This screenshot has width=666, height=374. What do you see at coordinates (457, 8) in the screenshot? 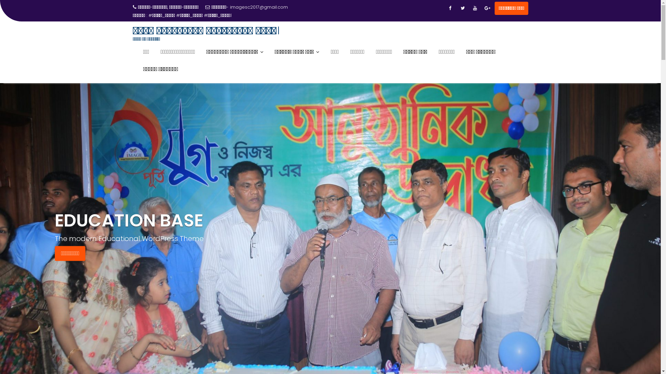
I see `'Twitter'` at bounding box center [457, 8].